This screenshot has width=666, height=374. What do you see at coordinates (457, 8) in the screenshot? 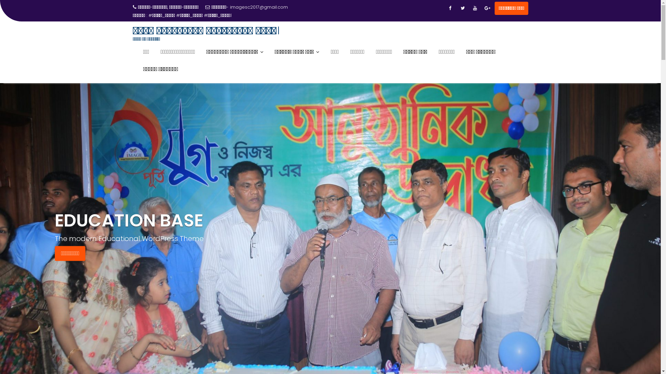
I see `'Twitter'` at bounding box center [457, 8].